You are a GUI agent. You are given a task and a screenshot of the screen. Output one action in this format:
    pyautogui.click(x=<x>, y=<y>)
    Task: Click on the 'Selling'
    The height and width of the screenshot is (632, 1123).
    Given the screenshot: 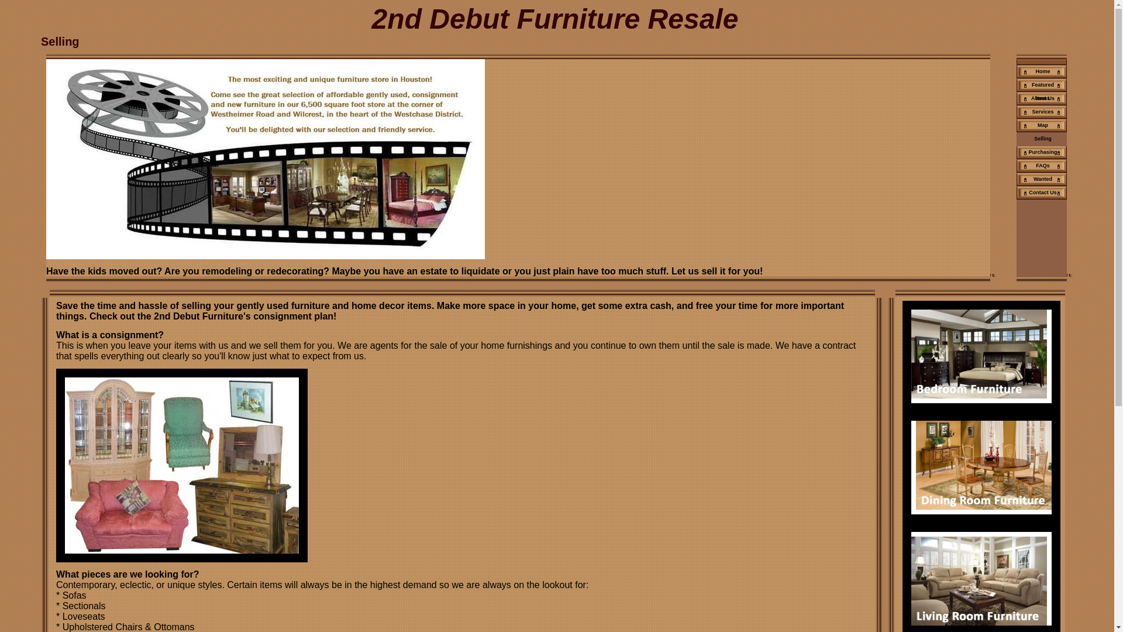 What is the action you would take?
    pyautogui.click(x=1041, y=138)
    